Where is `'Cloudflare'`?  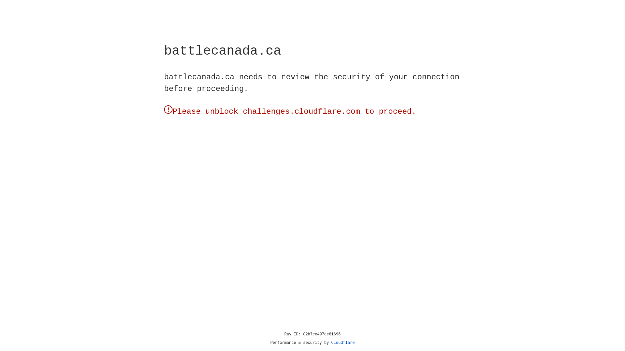
'Cloudflare' is located at coordinates (343, 343).